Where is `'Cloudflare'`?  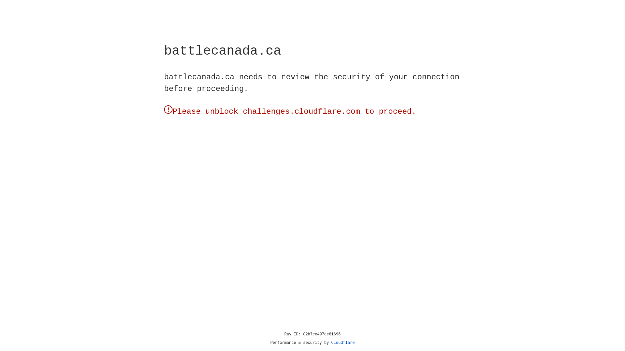
'Cloudflare' is located at coordinates (343, 343).